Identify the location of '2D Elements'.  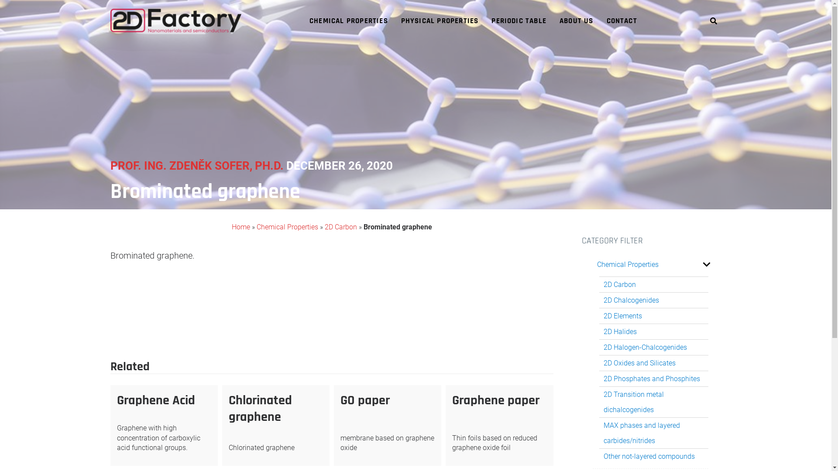
(622, 316).